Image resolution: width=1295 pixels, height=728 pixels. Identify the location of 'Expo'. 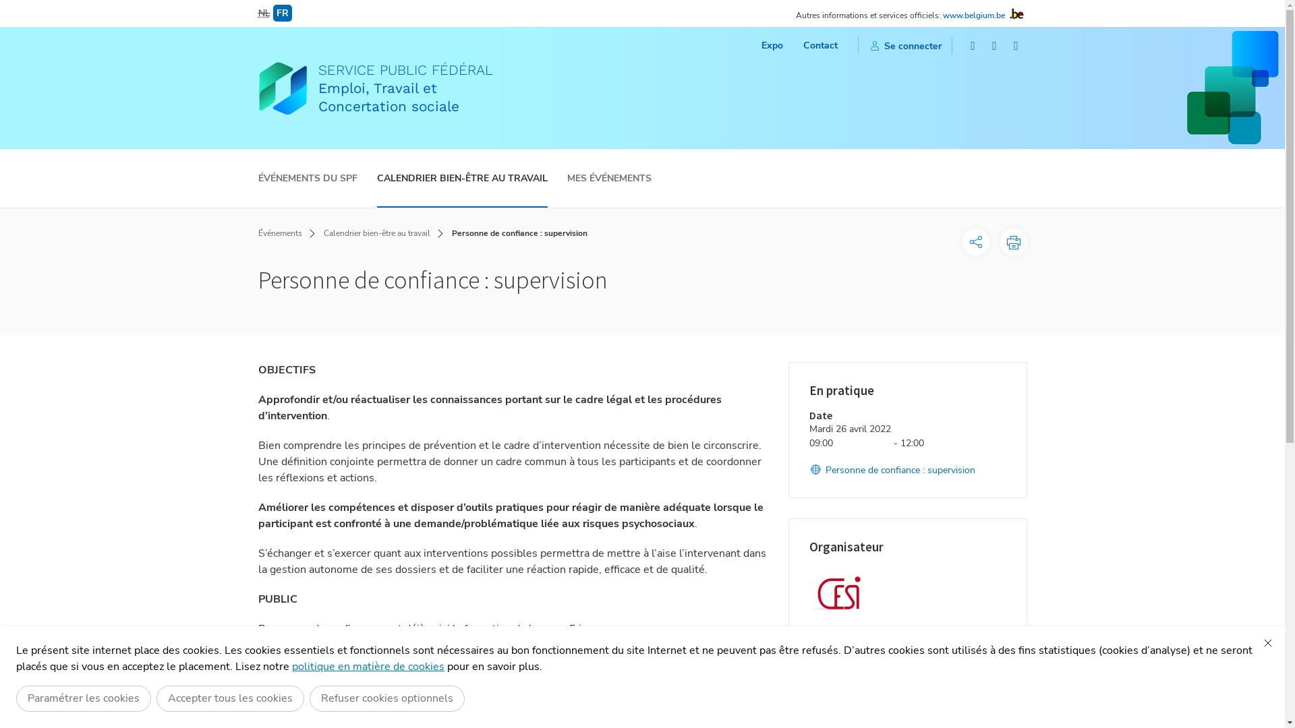
(761, 44).